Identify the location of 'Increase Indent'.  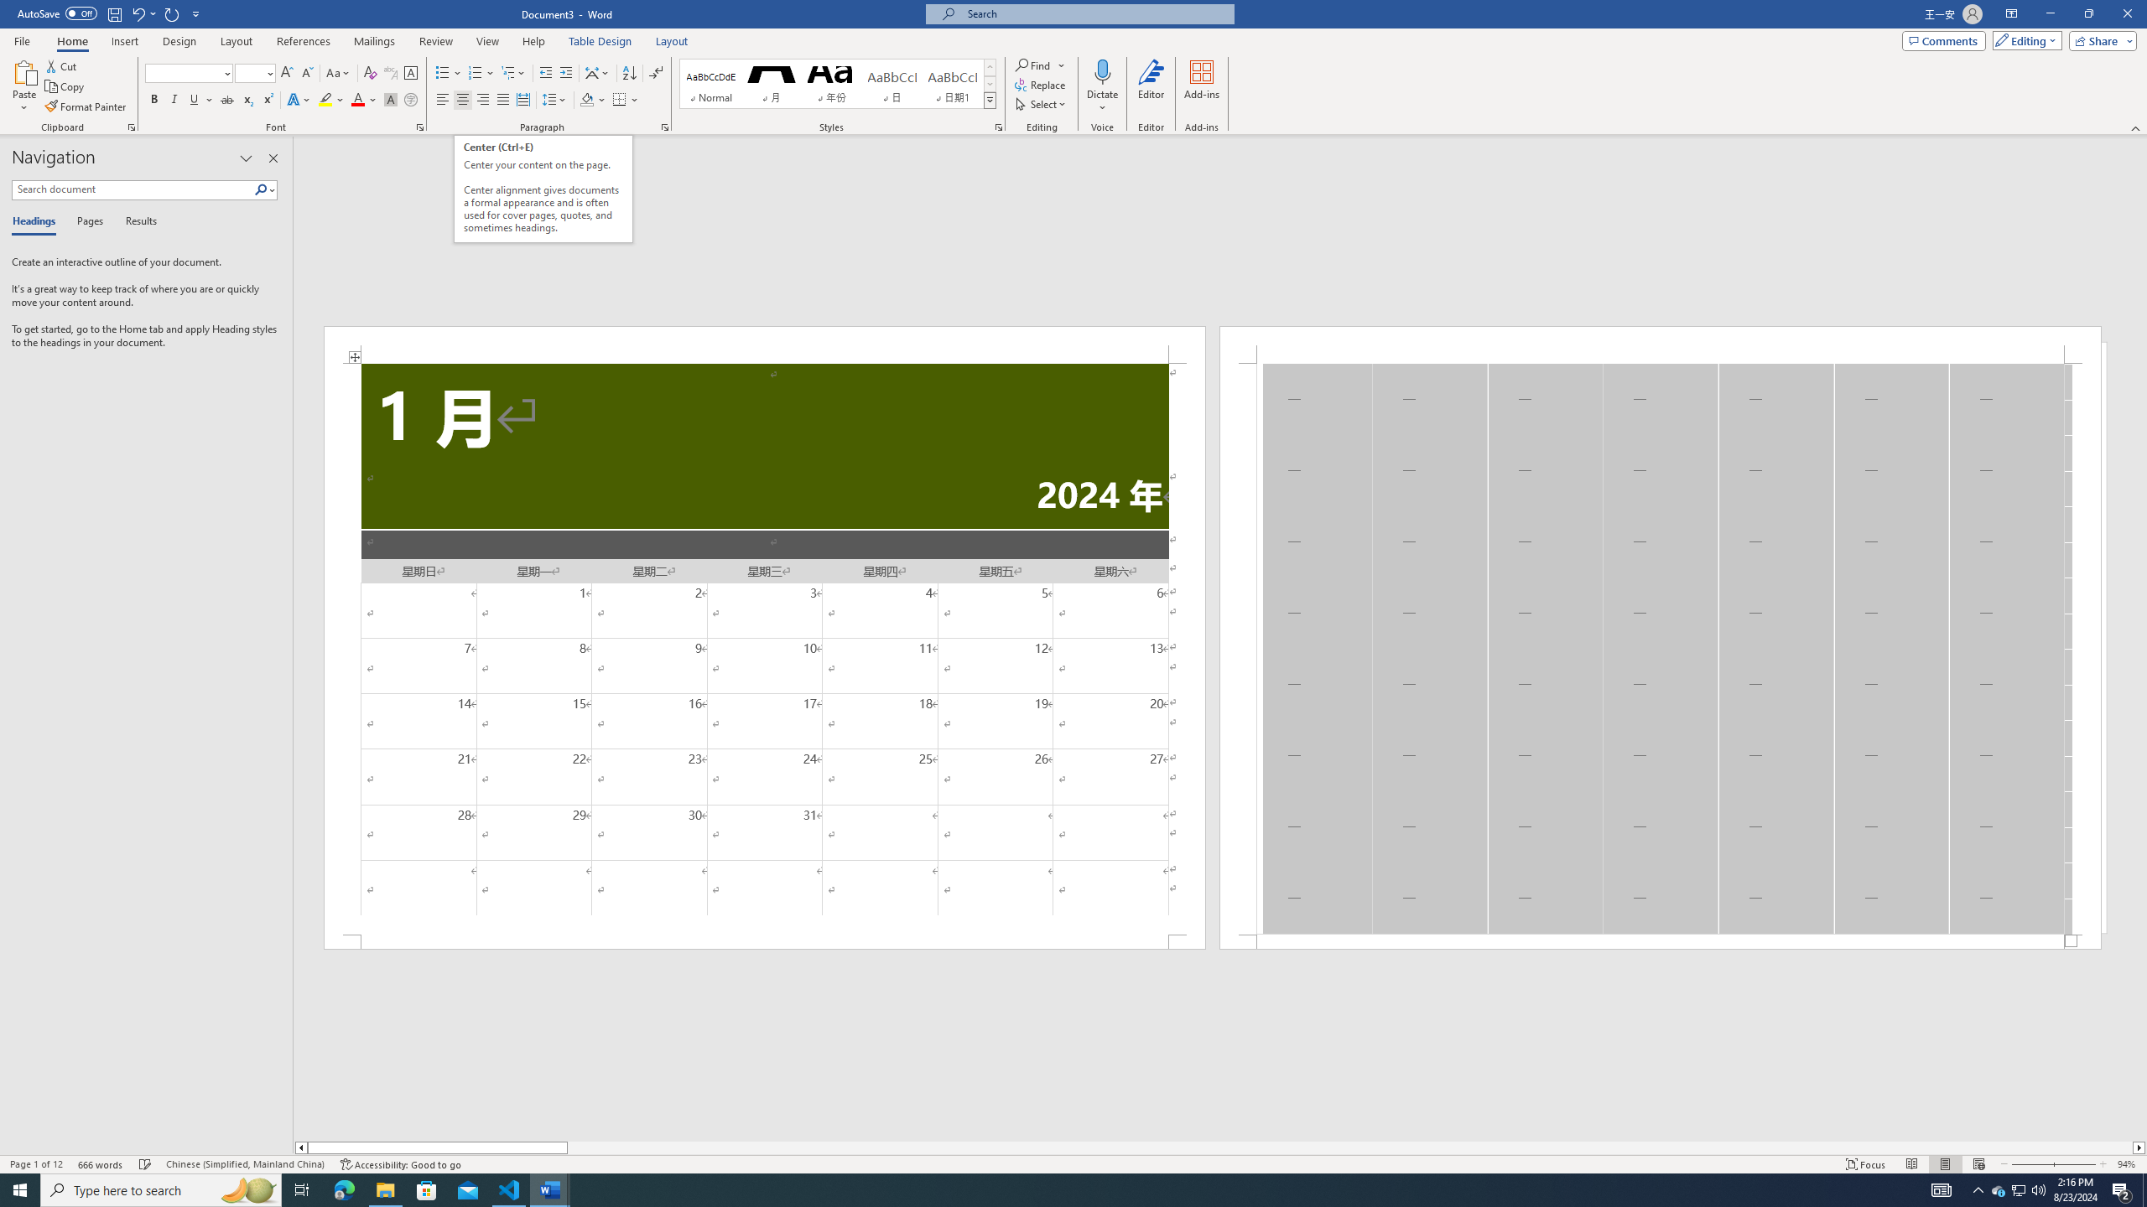
(564, 73).